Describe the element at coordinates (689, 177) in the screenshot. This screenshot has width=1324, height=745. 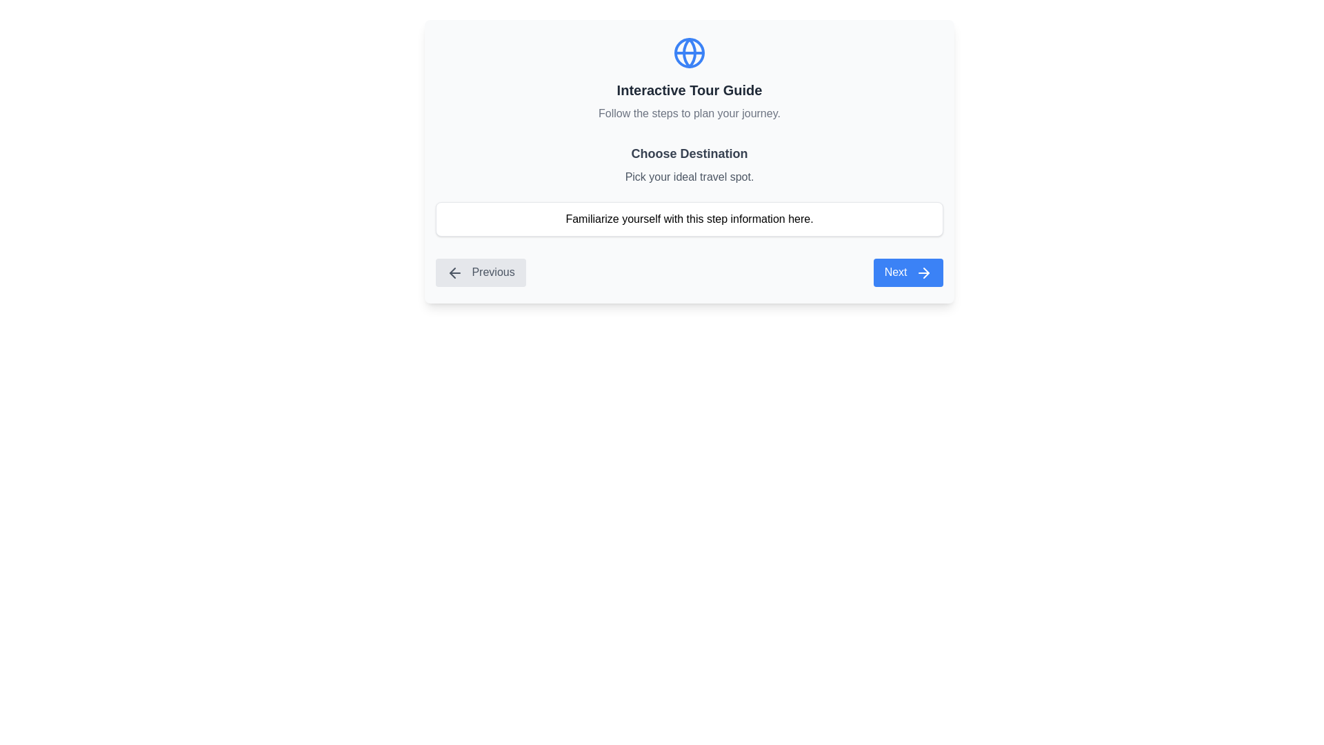
I see `the Text Label that provides guidance or context for the selected step or section, which is centrally aligned below the heading 'Choose Destination'` at that location.